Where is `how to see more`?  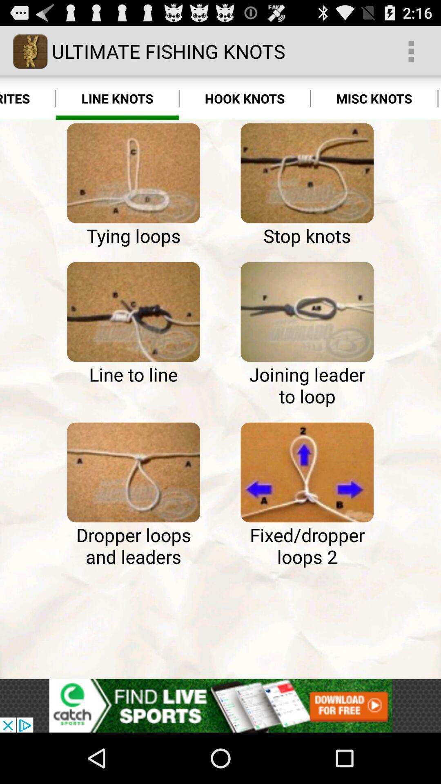 how to see more is located at coordinates (133, 311).